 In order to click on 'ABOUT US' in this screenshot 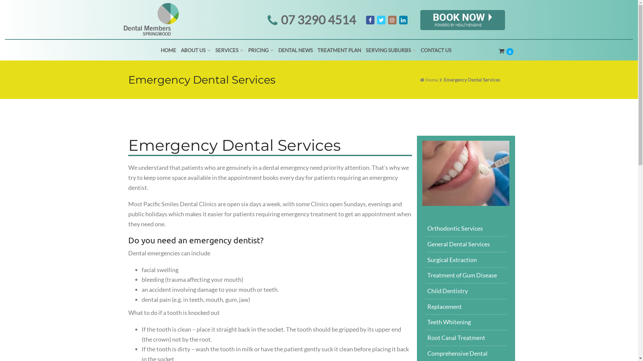, I will do `click(195, 50)`.